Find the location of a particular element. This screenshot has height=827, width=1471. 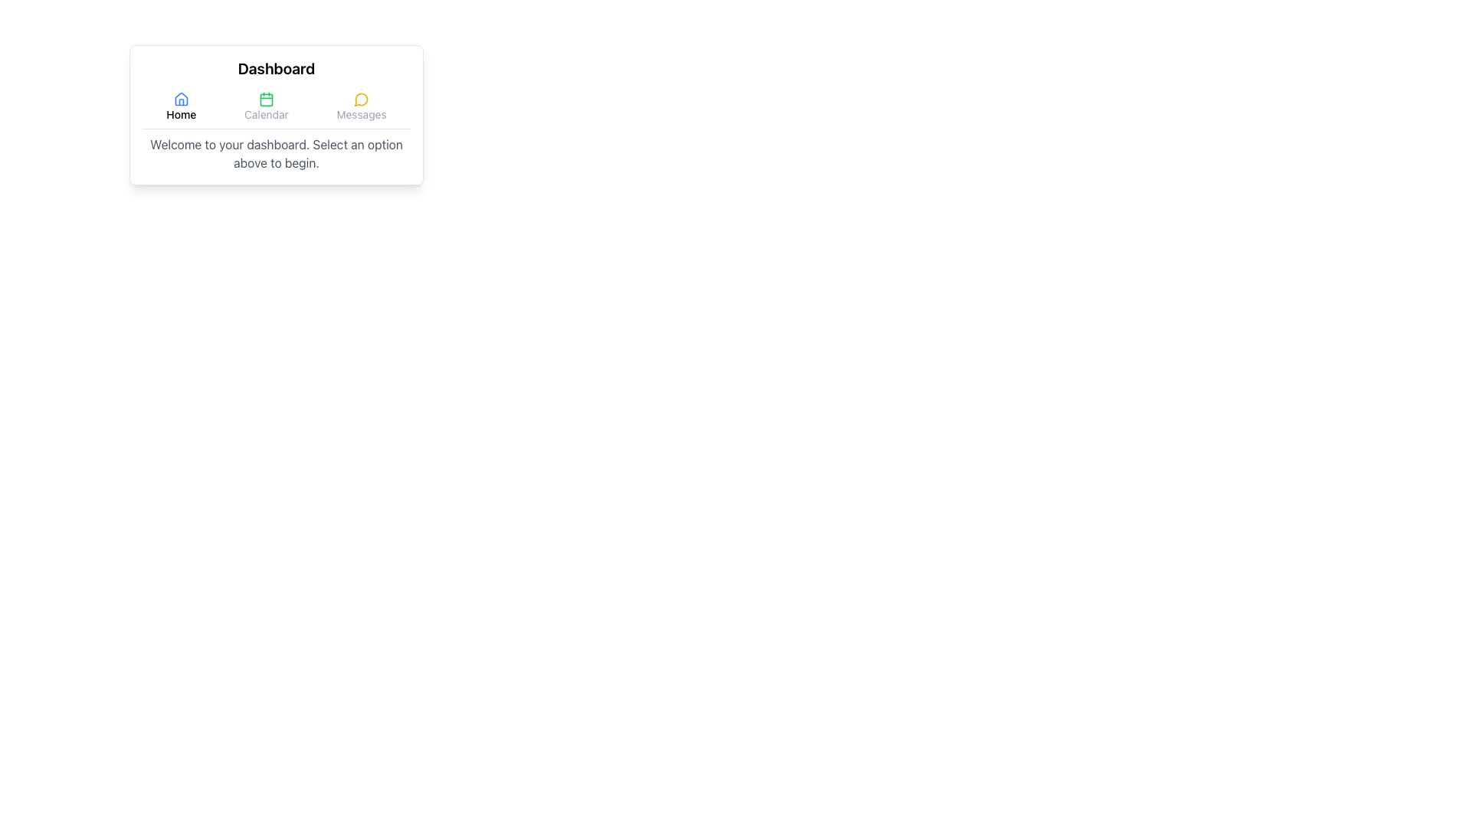

the 'Messages' navigation button located in the top-right part of the navigation bar is located at coordinates (361, 106).